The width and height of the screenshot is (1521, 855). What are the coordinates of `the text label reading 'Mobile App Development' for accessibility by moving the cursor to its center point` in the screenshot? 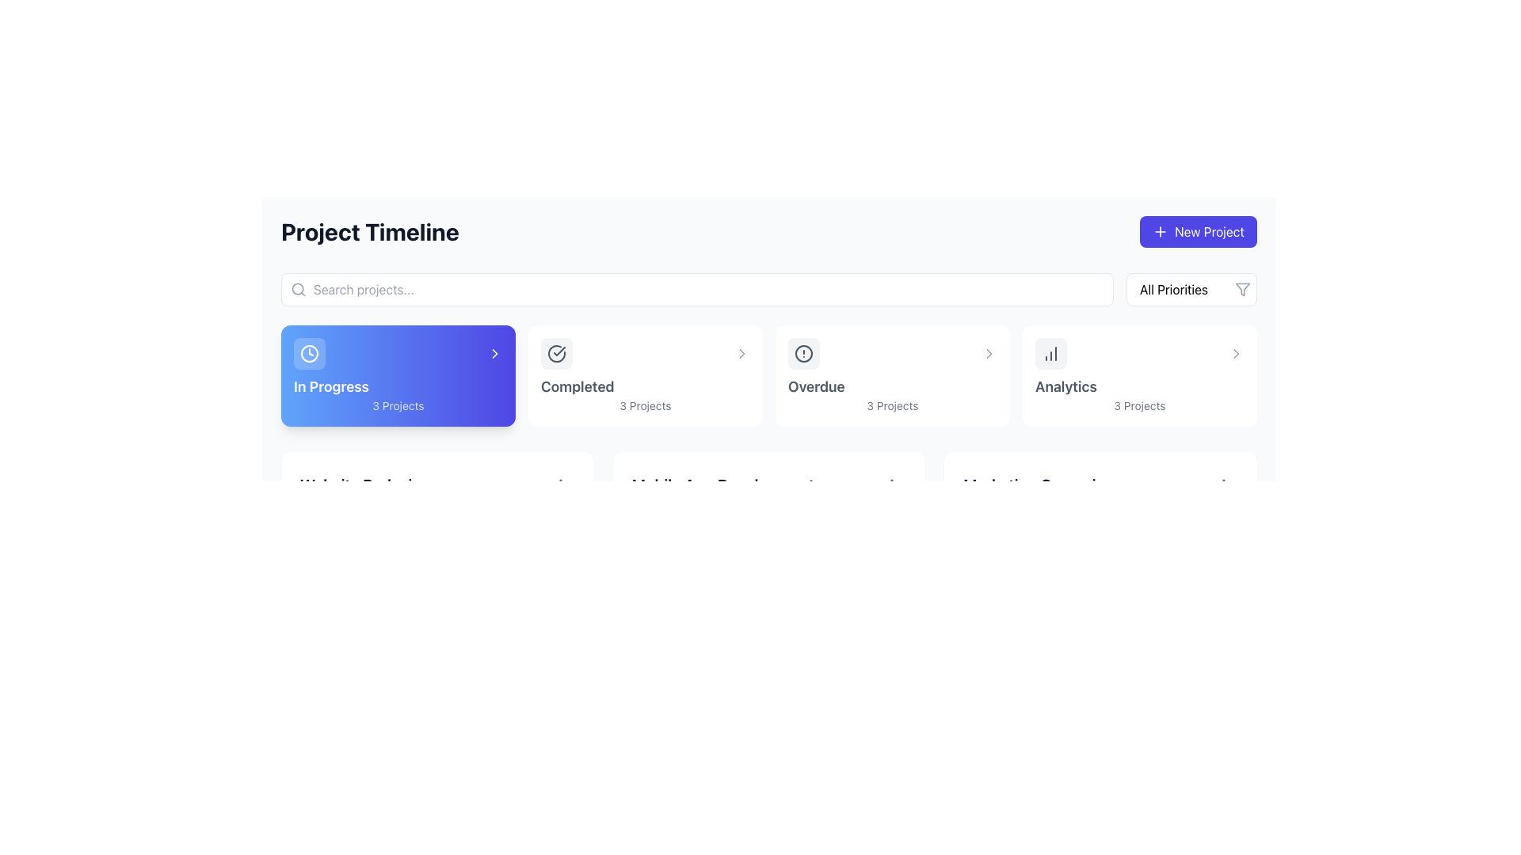 It's located at (768, 484).